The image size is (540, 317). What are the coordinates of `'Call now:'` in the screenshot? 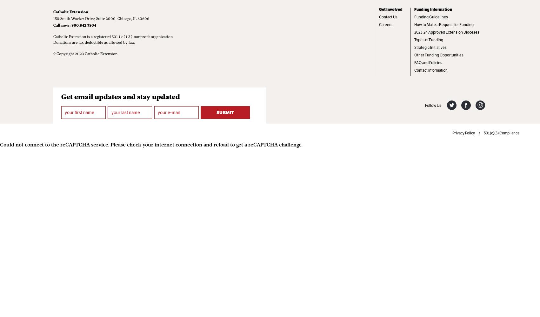 It's located at (62, 25).